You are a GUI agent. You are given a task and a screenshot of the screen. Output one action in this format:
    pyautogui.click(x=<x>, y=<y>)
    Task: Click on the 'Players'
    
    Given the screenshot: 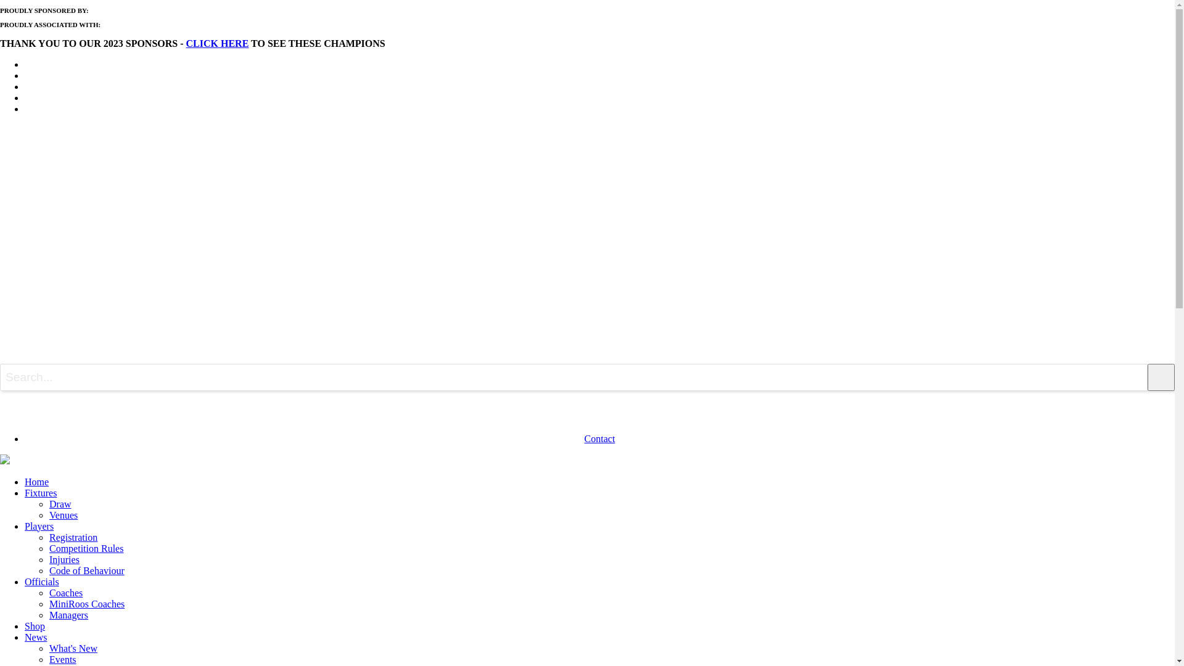 What is the action you would take?
    pyautogui.click(x=39, y=526)
    